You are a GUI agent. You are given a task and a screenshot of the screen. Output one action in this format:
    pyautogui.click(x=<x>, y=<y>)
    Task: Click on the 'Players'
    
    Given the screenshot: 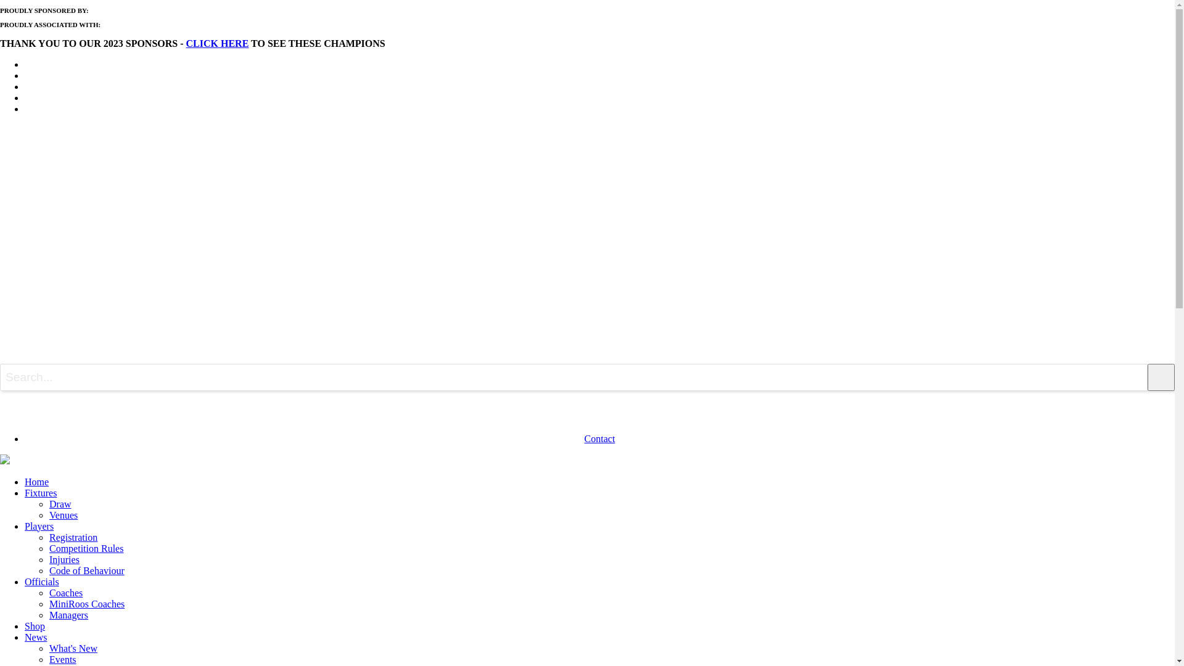 What is the action you would take?
    pyautogui.click(x=39, y=526)
    